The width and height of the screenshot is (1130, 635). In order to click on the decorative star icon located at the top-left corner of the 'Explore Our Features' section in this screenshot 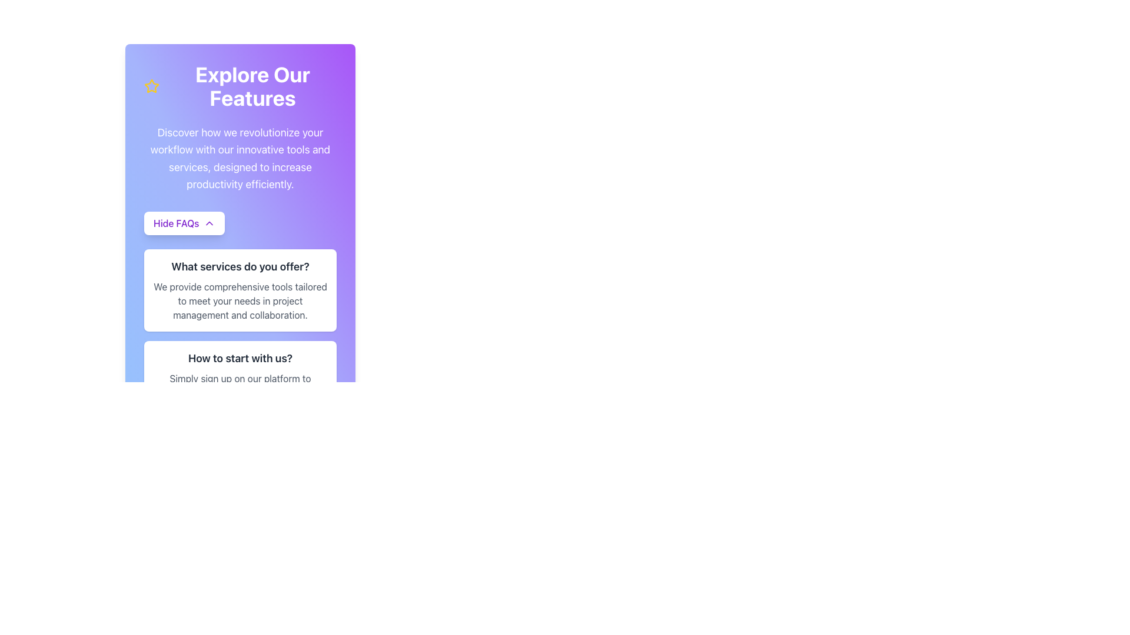, I will do `click(151, 85)`.